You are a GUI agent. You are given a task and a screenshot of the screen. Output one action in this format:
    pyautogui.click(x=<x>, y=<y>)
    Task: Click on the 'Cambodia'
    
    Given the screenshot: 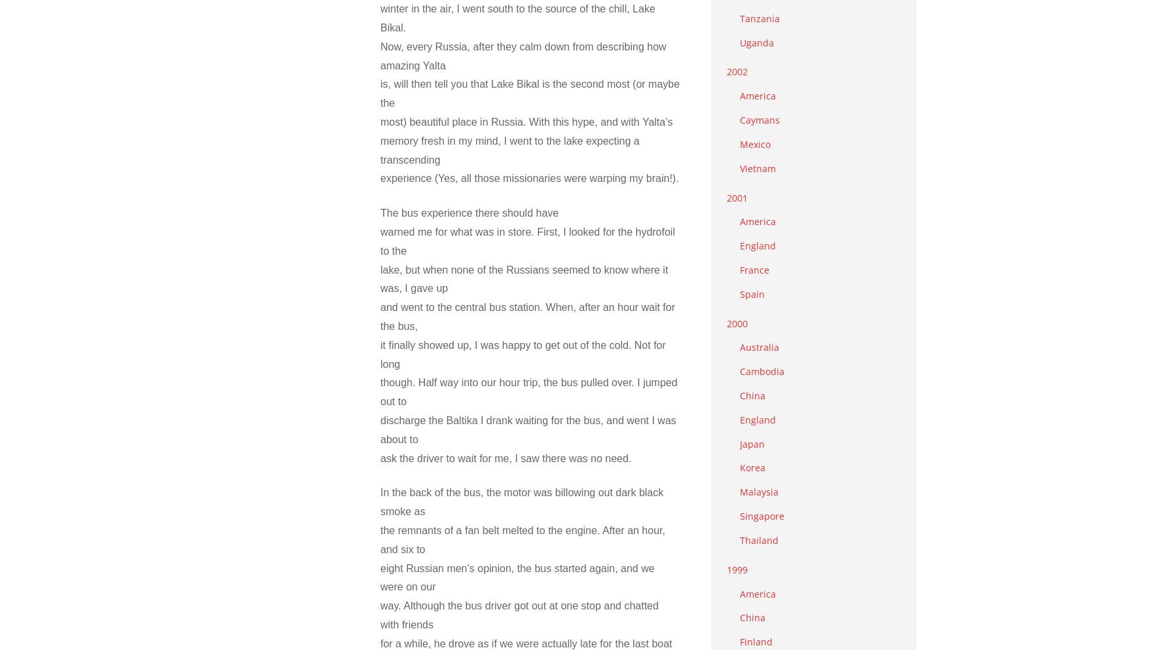 What is the action you would take?
    pyautogui.click(x=762, y=370)
    